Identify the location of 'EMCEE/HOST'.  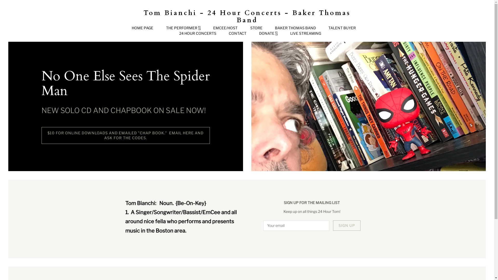
(225, 28).